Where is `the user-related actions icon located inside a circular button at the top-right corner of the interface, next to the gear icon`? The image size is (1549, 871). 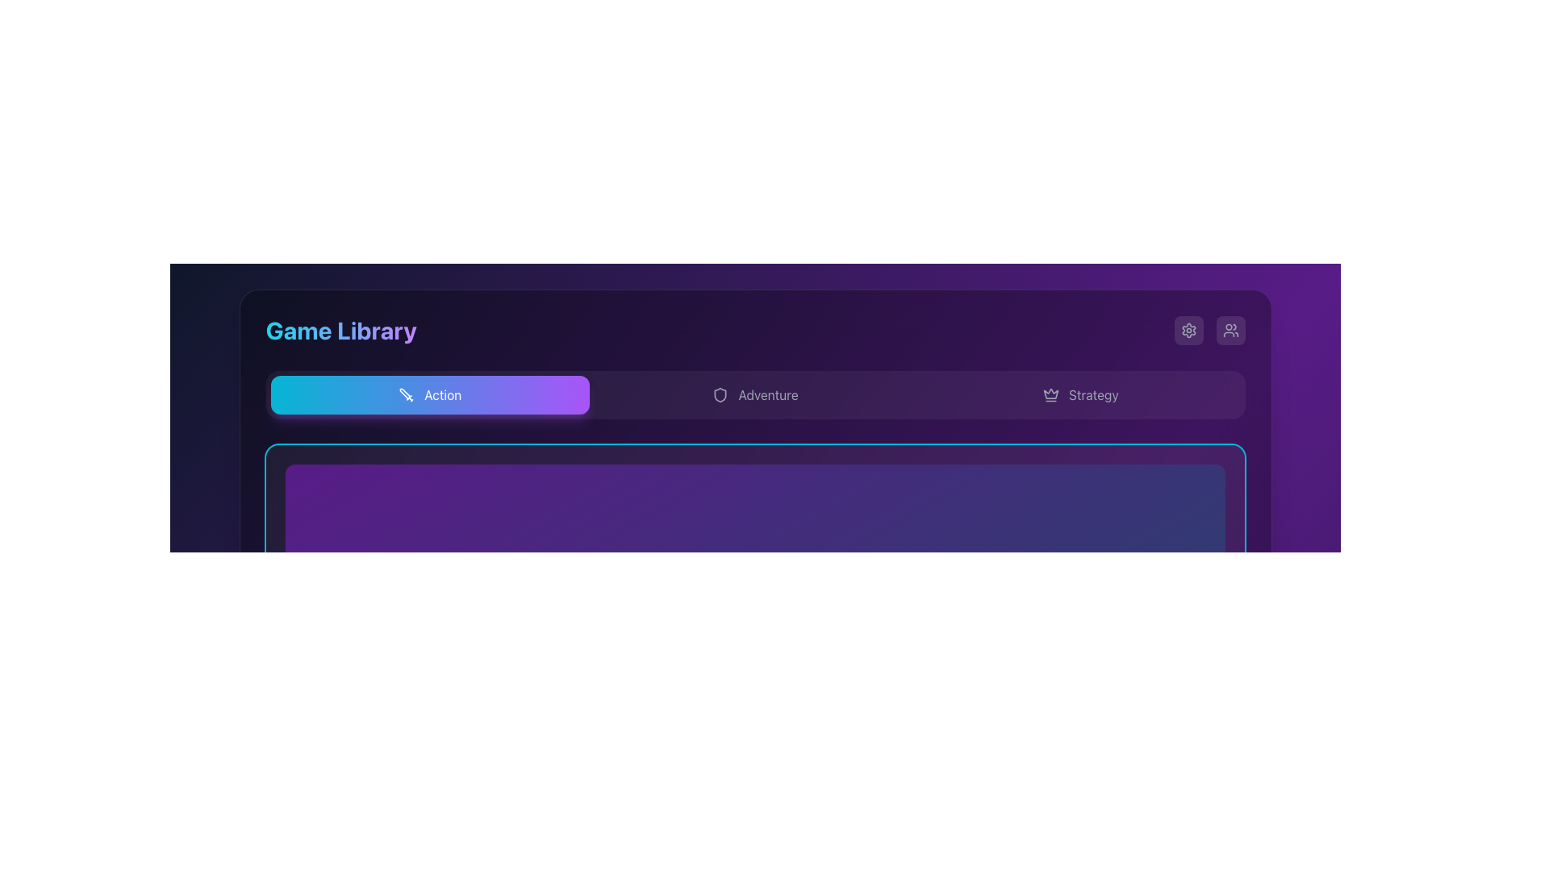 the user-related actions icon located inside a circular button at the top-right corner of the interface, next to the gear icon is located at coordinates (1230, 329).